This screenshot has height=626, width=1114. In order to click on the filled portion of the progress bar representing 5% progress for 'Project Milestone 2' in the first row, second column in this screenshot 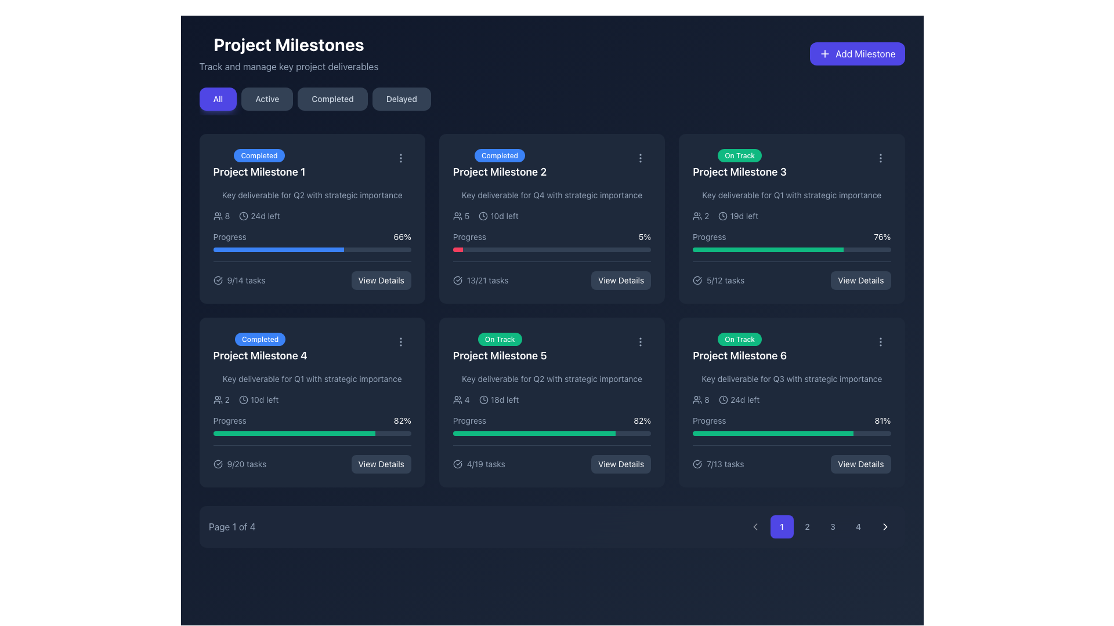, I will do `click(457, 249)`.